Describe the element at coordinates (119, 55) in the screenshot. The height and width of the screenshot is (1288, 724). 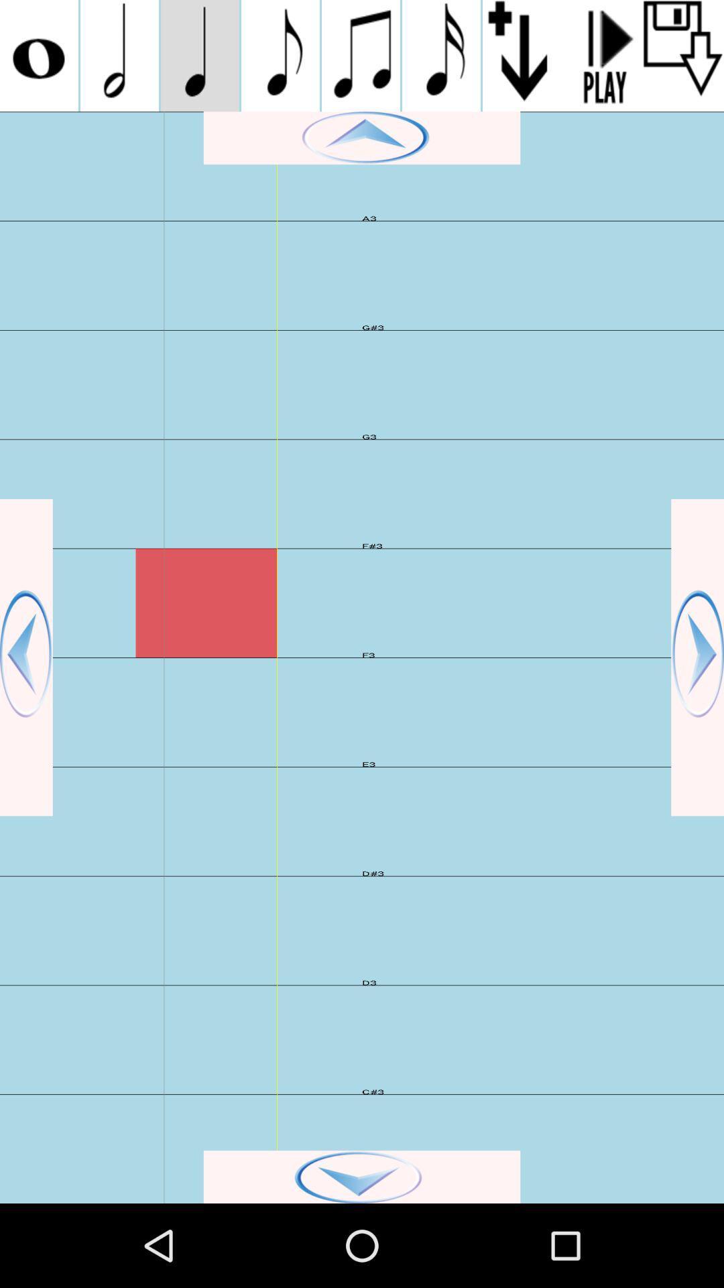
I see `minim` at that location.